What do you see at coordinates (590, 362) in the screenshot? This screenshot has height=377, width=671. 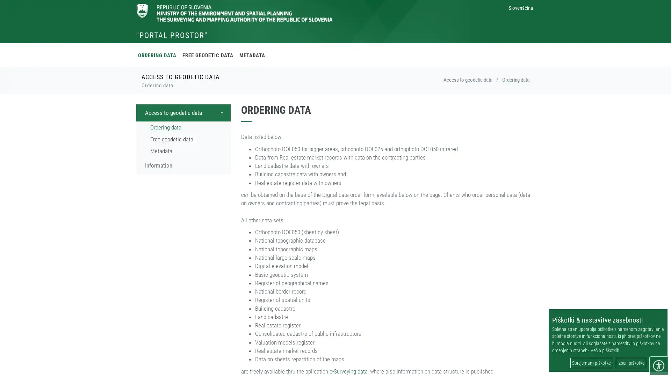 I see `Sprejemam piskotke` at bounding box center [590, 362].